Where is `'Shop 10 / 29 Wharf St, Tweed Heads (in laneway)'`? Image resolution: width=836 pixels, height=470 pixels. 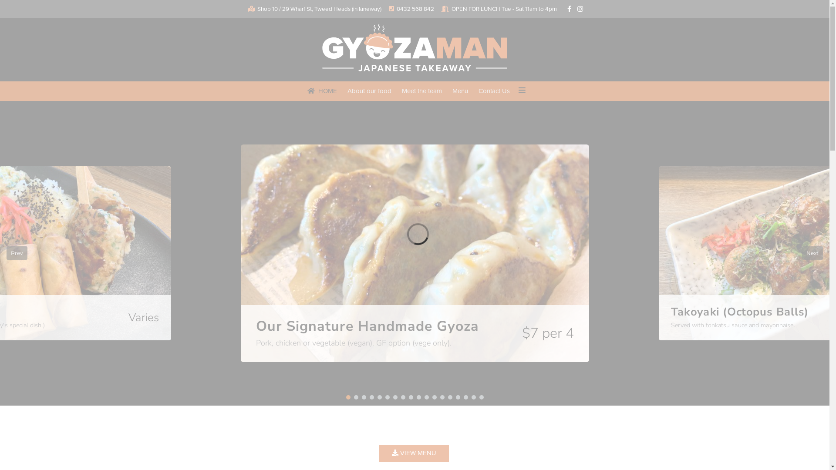
'Shop 10 / 29 Wharf St, Tweed Heads (in laneway)' is located at coordinates (318, 9).